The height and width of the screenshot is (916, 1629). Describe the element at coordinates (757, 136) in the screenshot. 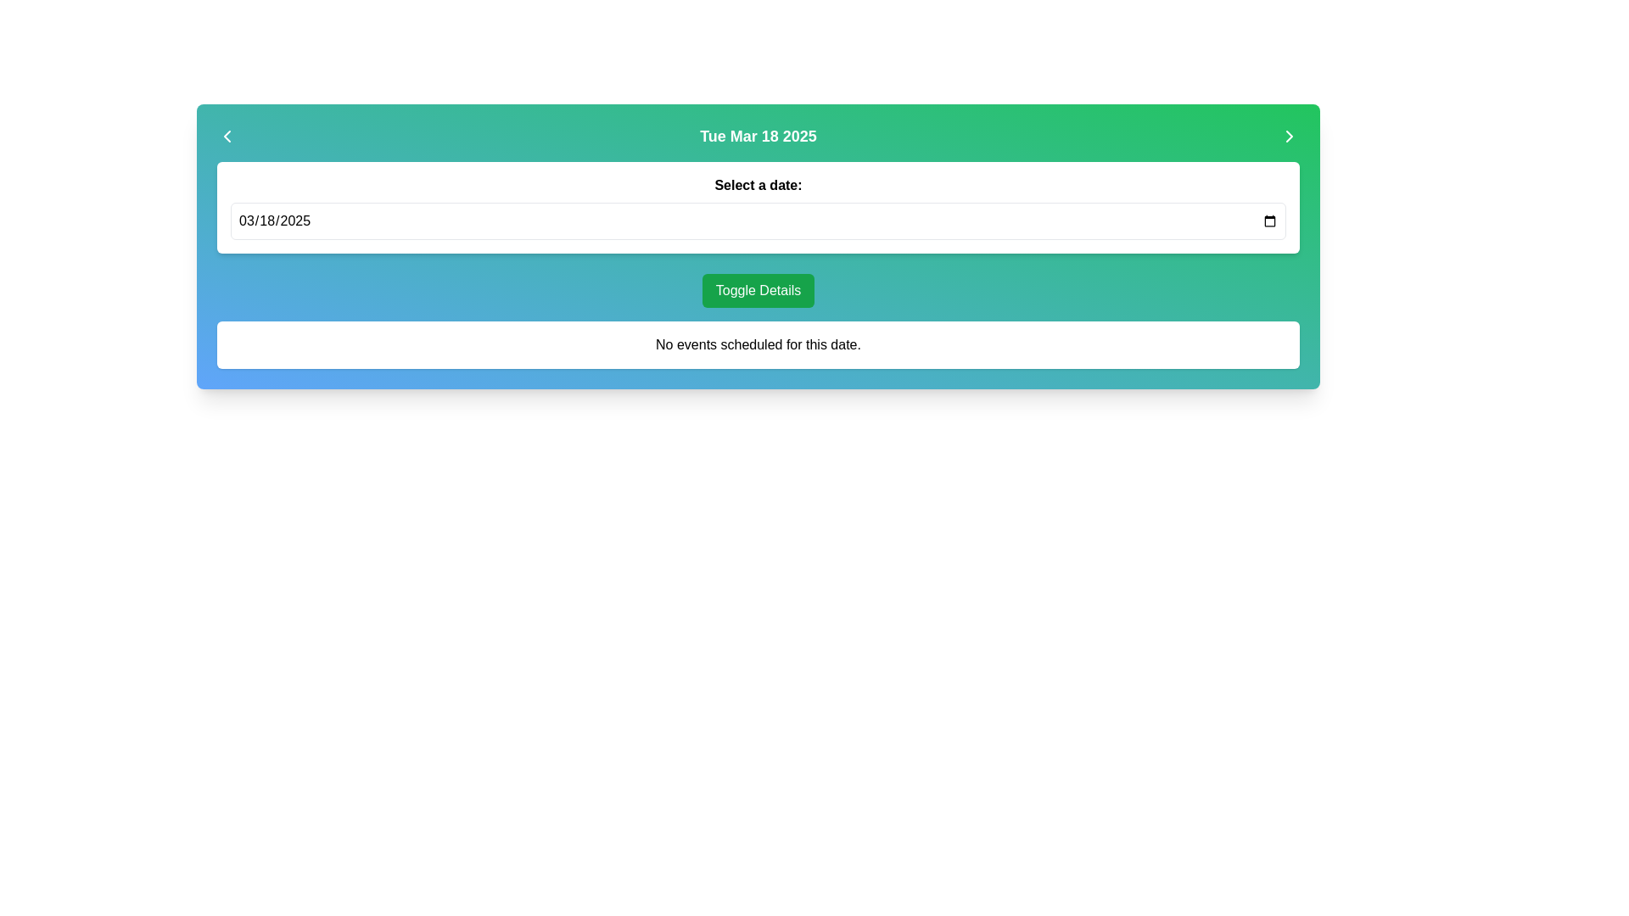

I see `the Text label that displays the currently selected date, located in the center of the top gradient header bar, above the 'Select a date:' label and calendar input field` at that location.